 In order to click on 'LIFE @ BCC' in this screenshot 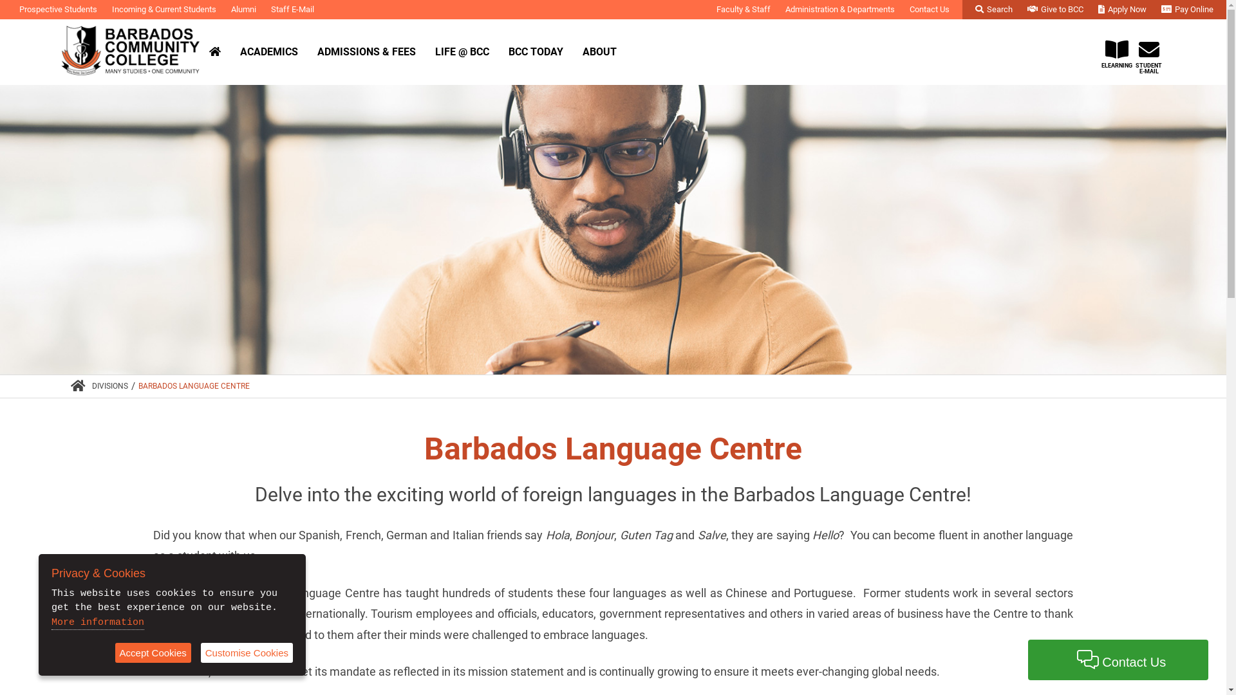, I will do `click(462, 51)`.